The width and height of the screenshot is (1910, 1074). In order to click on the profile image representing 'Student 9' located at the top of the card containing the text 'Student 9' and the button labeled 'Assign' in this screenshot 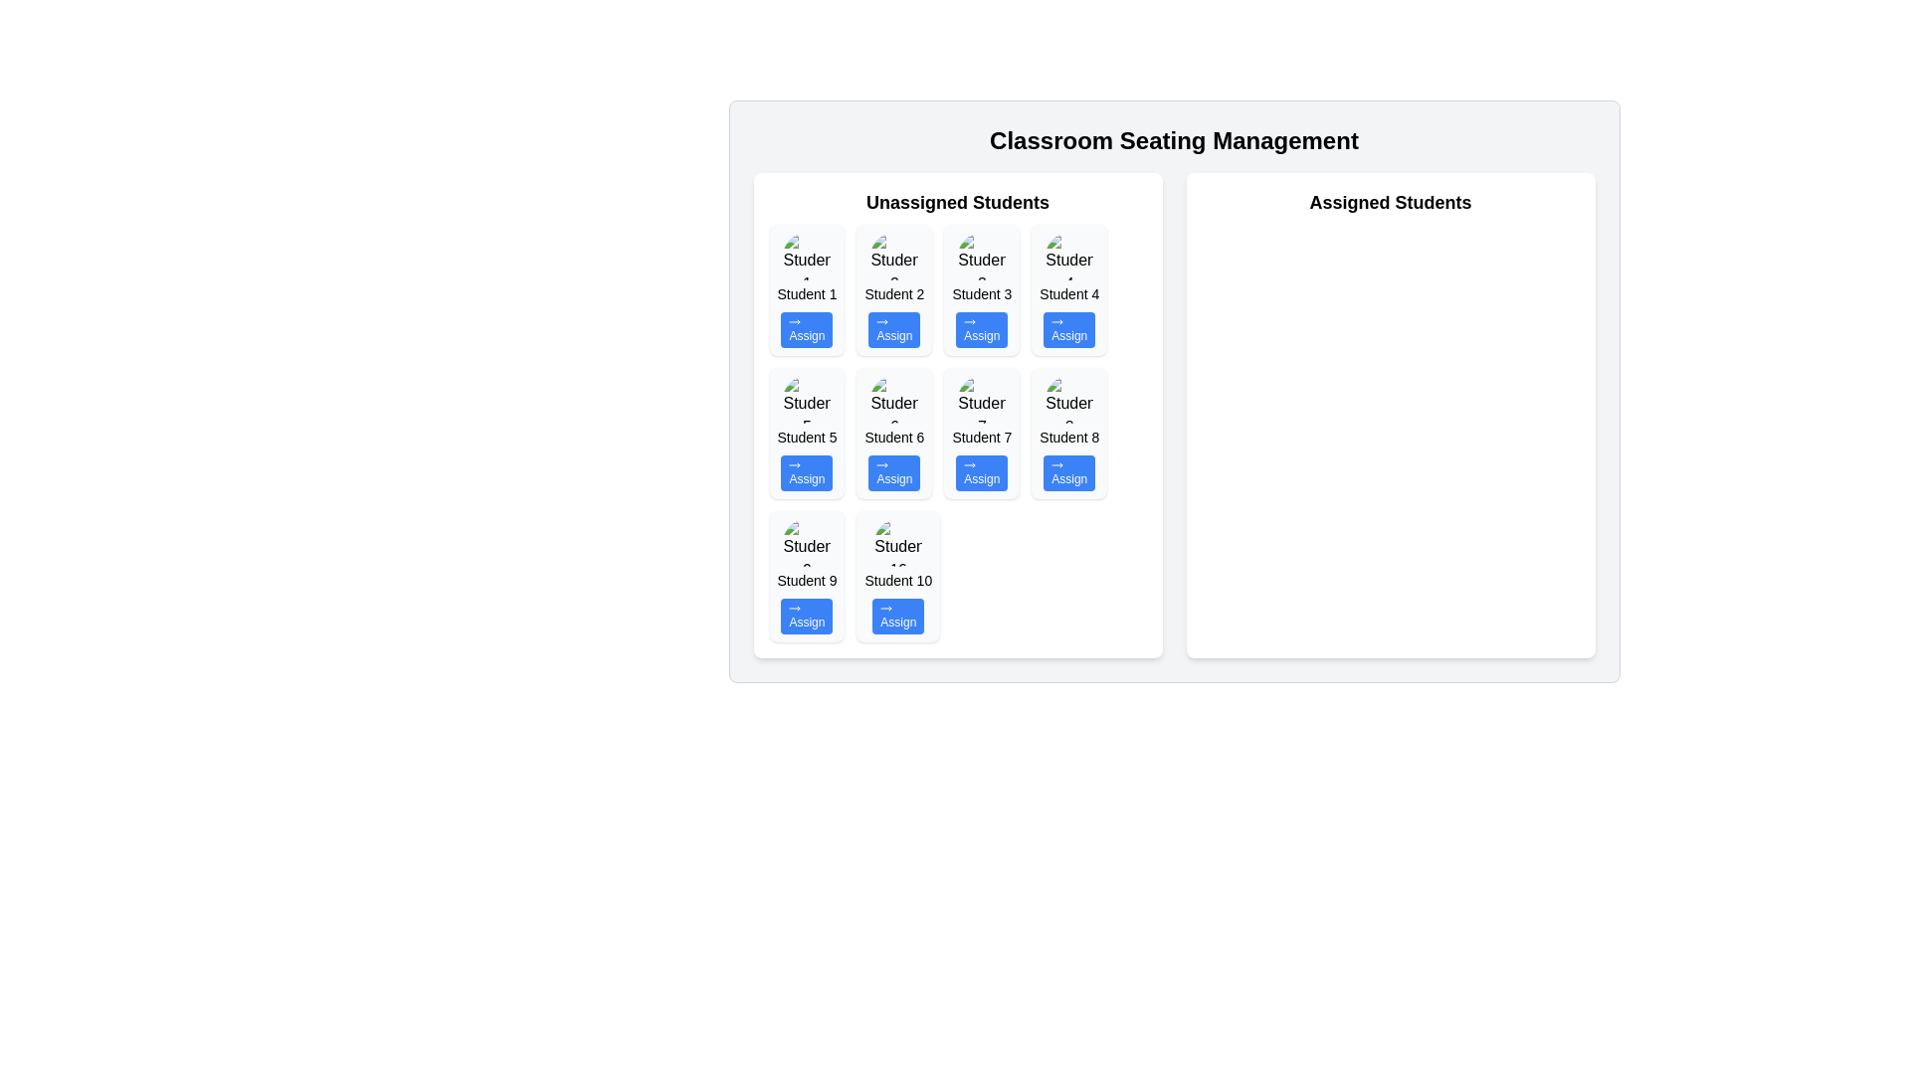, I will do `click(807, 543)`.